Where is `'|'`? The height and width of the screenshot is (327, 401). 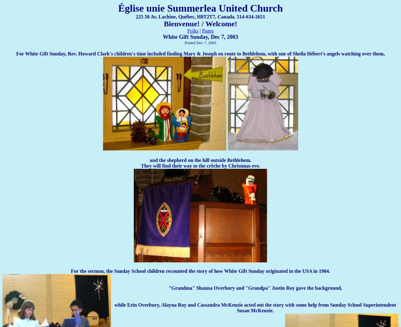 '|' is located at coordinates (200, 31).